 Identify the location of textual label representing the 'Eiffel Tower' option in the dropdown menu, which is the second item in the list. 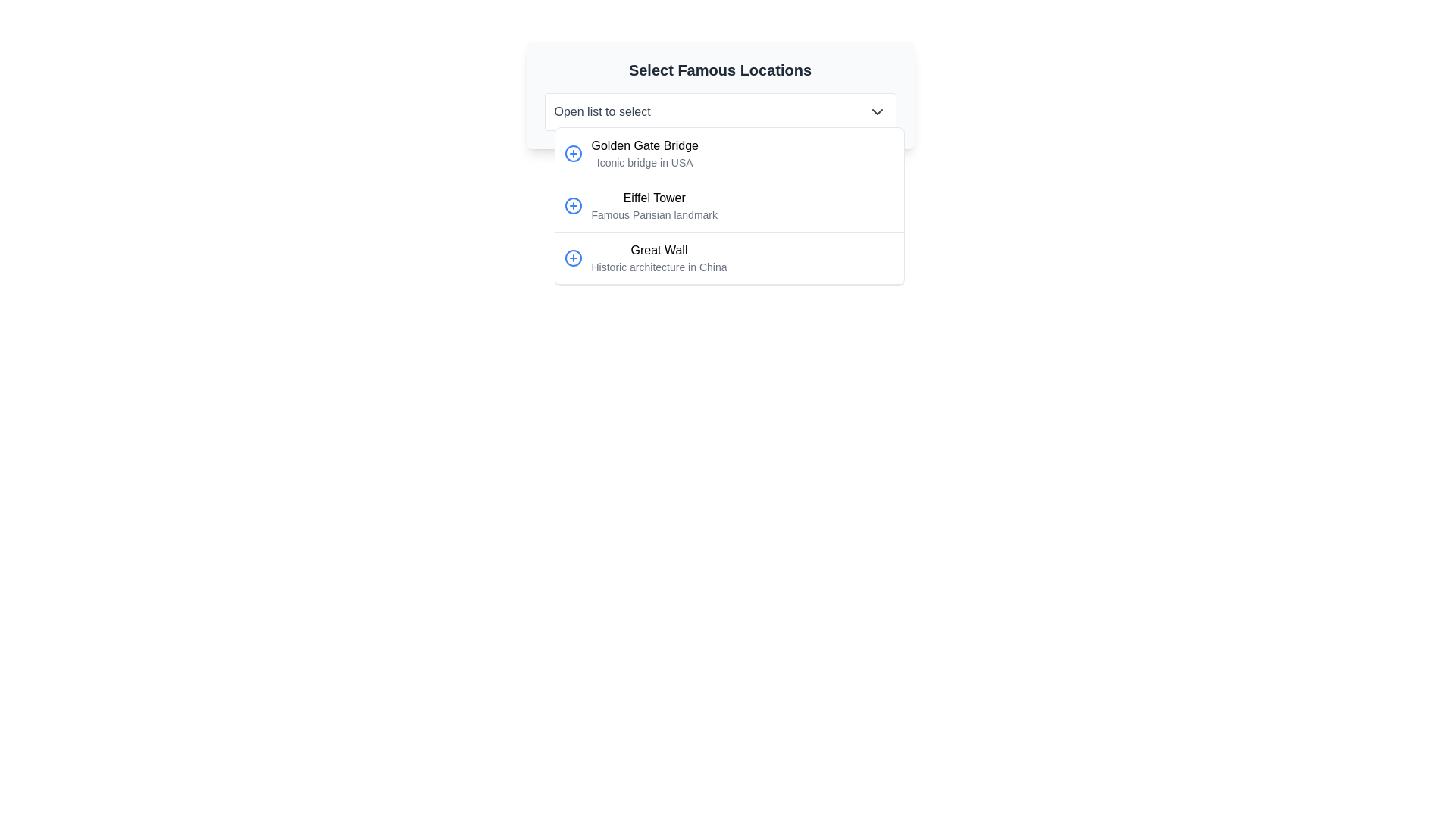
(654, 198).